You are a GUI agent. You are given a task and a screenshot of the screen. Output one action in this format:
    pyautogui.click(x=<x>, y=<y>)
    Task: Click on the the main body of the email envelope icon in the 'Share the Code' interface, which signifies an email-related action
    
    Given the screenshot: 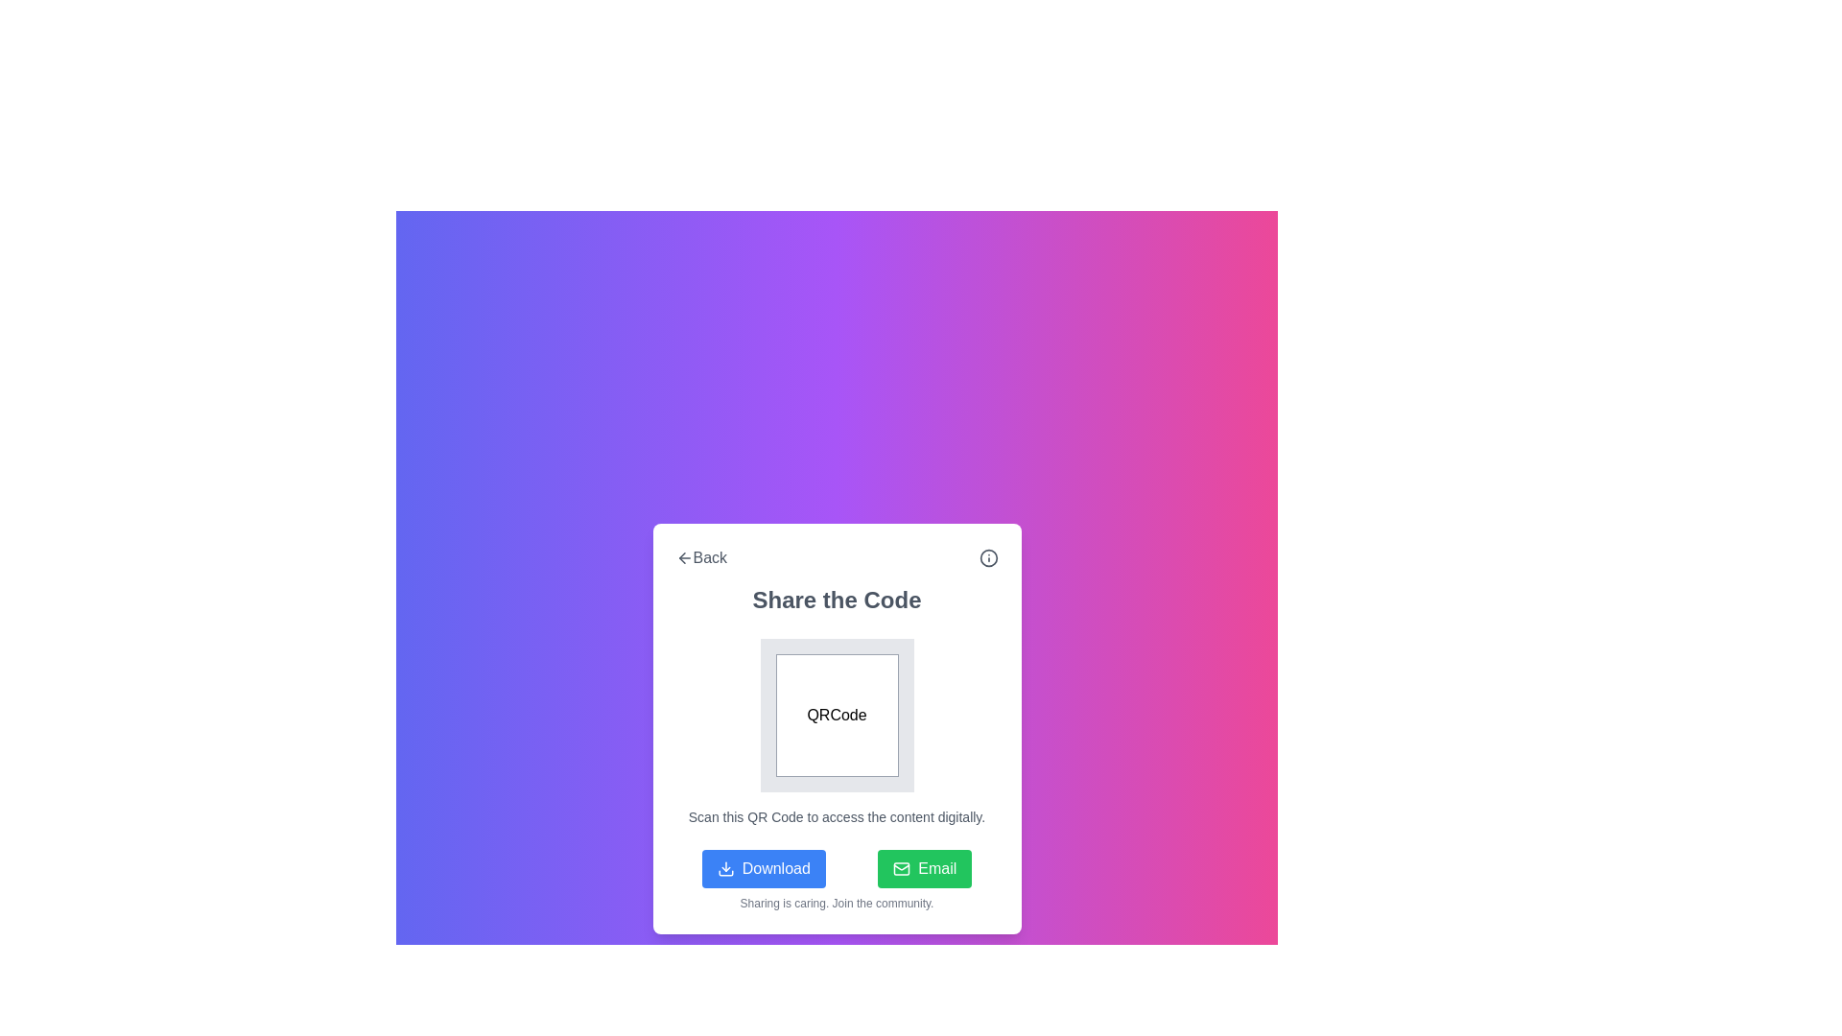 What is the action you would take?
    pyautogui.click(x=901, y=869)
    